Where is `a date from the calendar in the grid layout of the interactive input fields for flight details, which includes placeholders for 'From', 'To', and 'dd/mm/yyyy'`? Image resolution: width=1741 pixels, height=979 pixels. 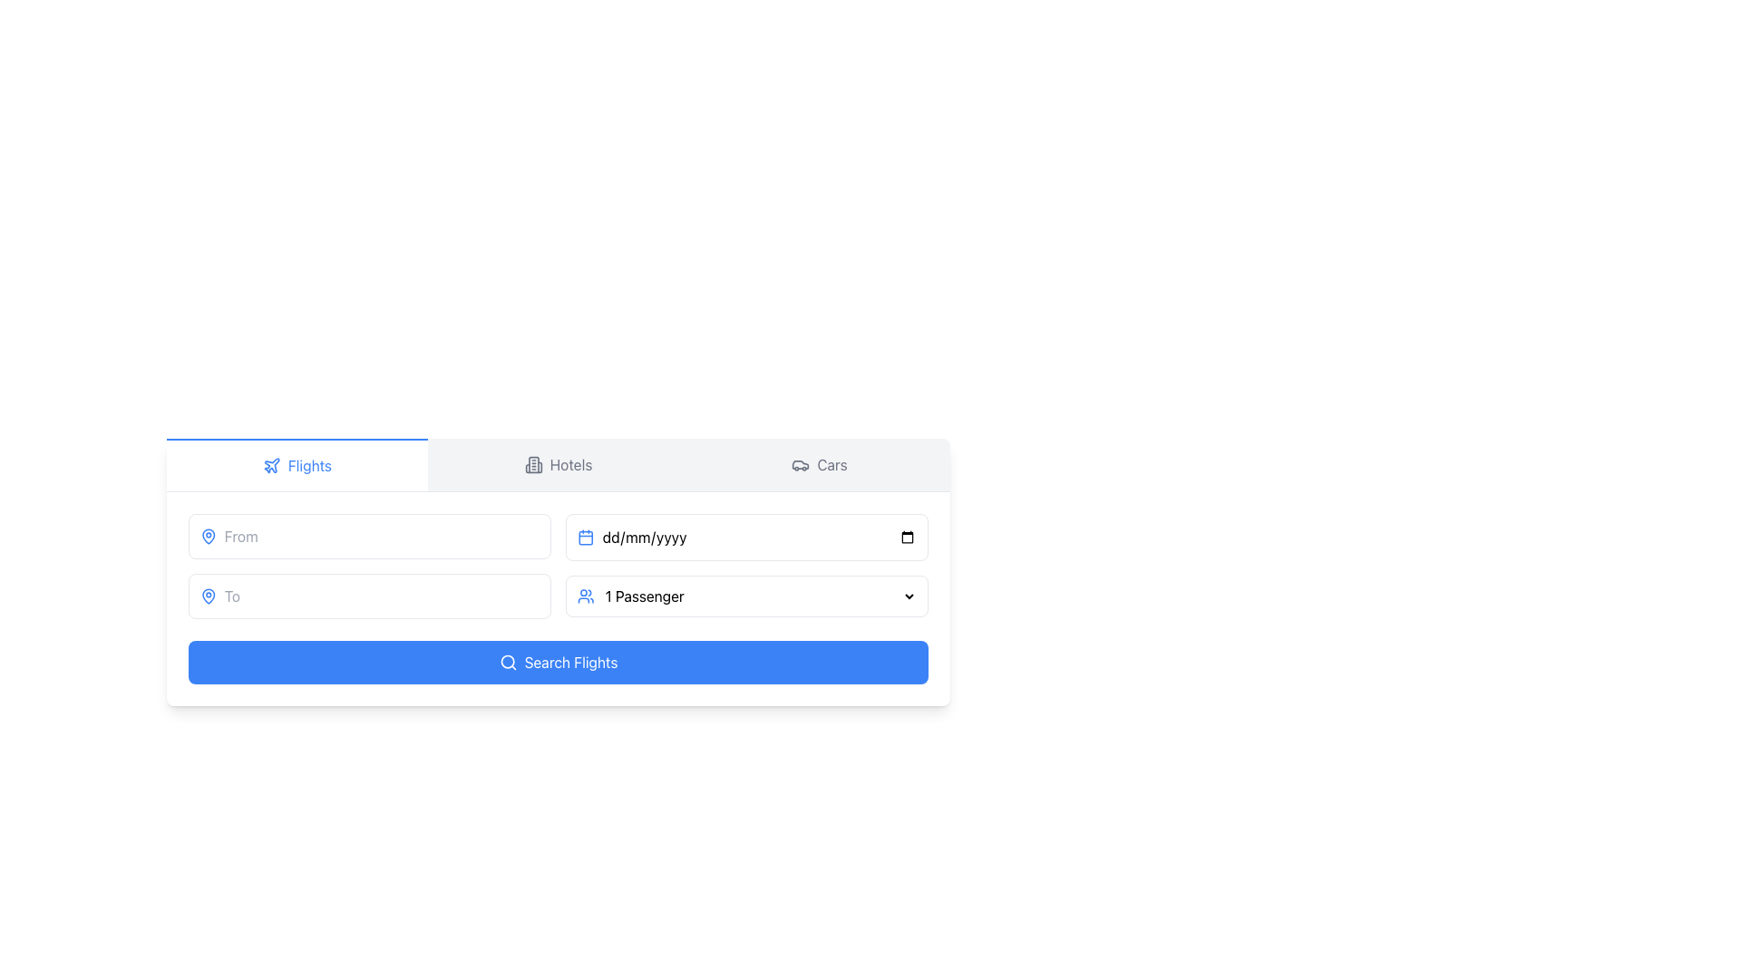
a date from the calendar in the grid layout of the interactive input fields for flight details, which includes placeholders for 'From', 'To', and 'dd/mm/yyyy' is located at coordinates (557, 565).